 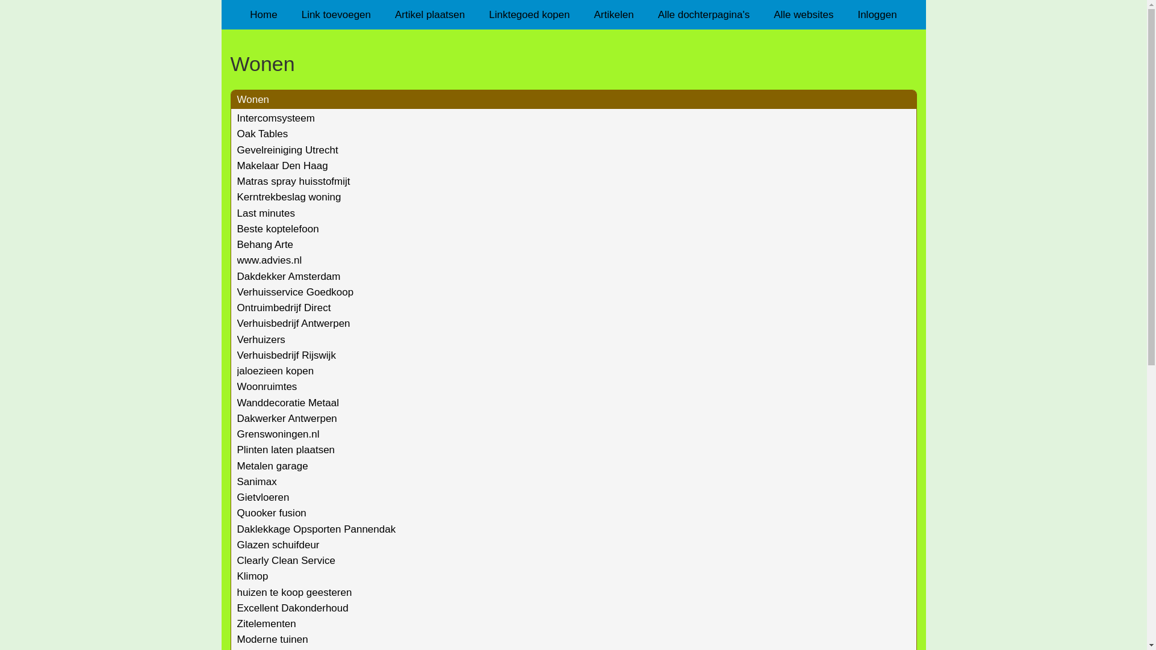 What do you see at coordinates (286, 418) in the screenshot?
I see `'Dakwerker Antwerpen'` at bounding box center [286, 418].